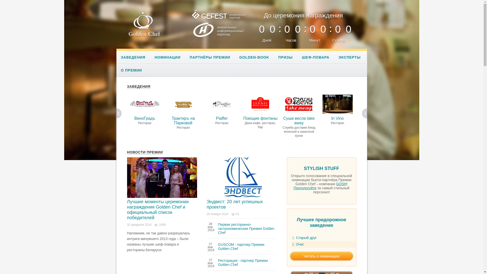 The height and width of the screenshot is (274, 487). Describe the element at coordinates (119, 113) in the screenshot. I see `'Prev'` at that location.